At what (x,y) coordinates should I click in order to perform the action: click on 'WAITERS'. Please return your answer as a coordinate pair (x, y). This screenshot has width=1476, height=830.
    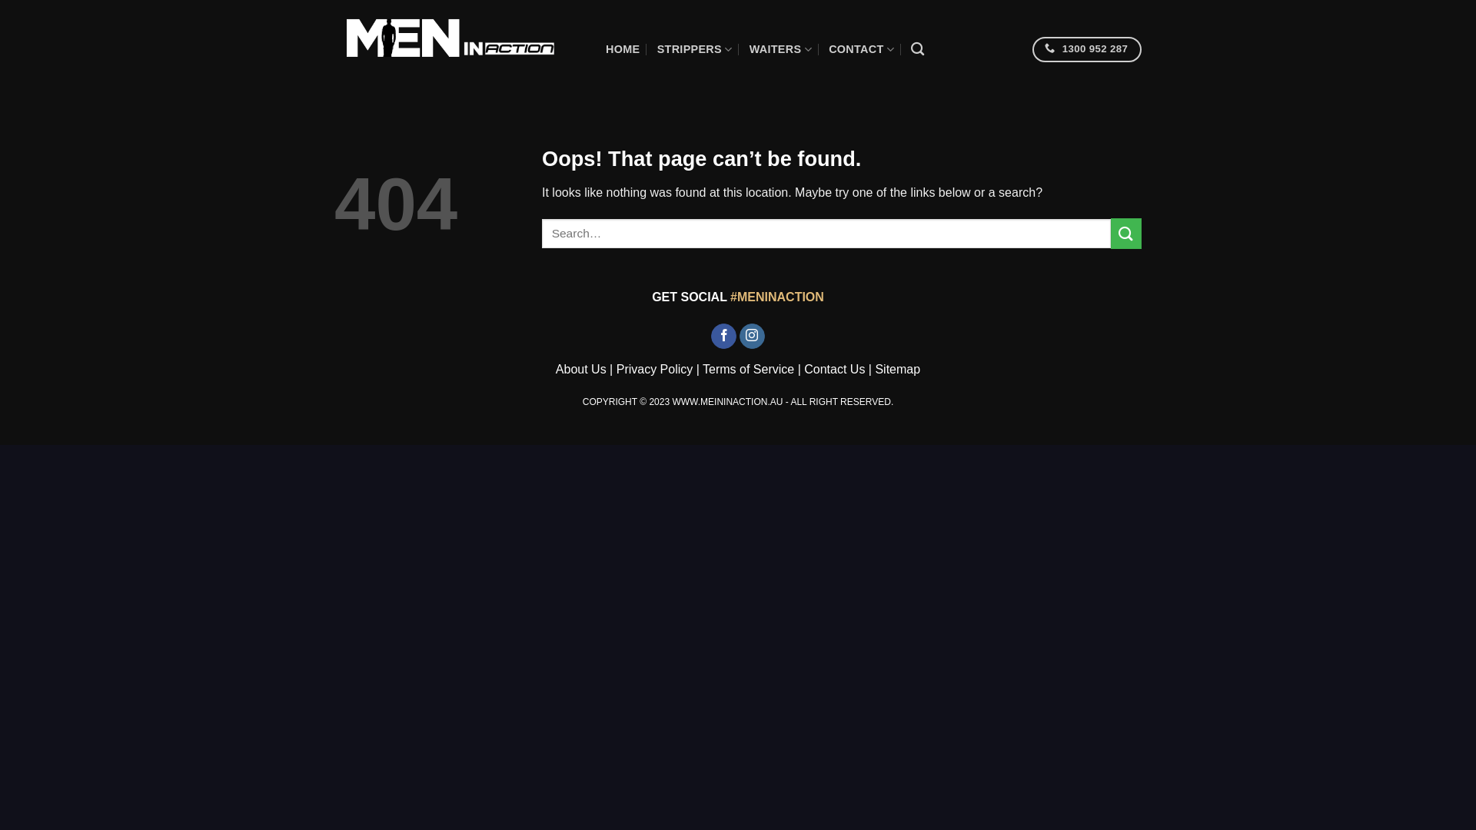
    Looking at the image, I should click on (780, 48).